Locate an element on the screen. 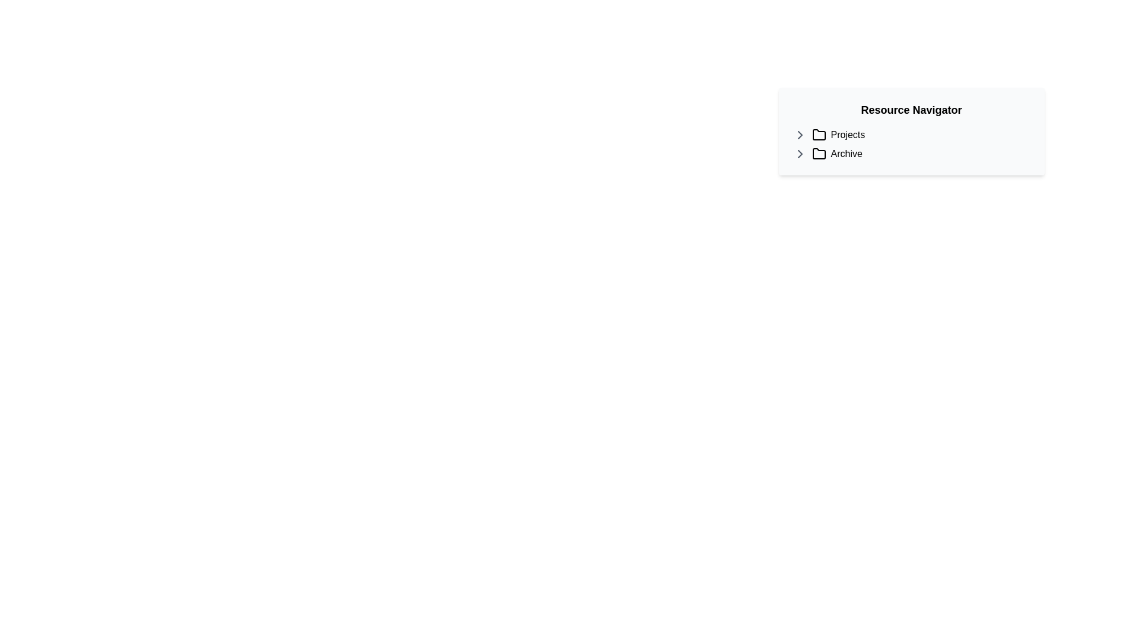  the right-pointing gray arrow icon is located at coordinates (800, 153).